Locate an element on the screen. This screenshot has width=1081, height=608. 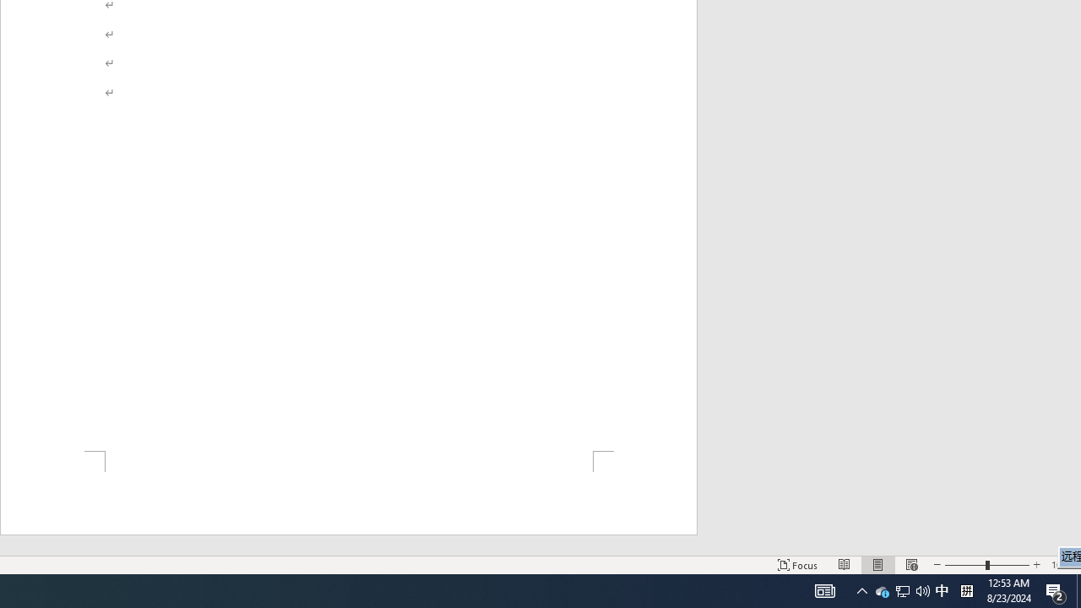
'Zoom Out' is located at coordinates (965, 565).